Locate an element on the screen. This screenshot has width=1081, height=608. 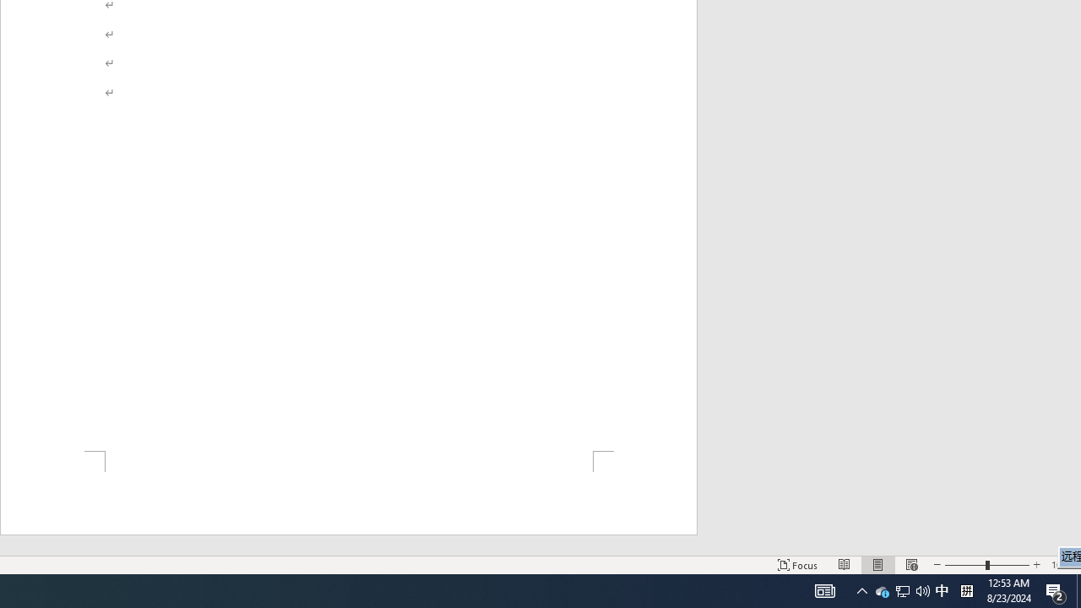
'Zoom Out' is located at coordinates (965, 565).